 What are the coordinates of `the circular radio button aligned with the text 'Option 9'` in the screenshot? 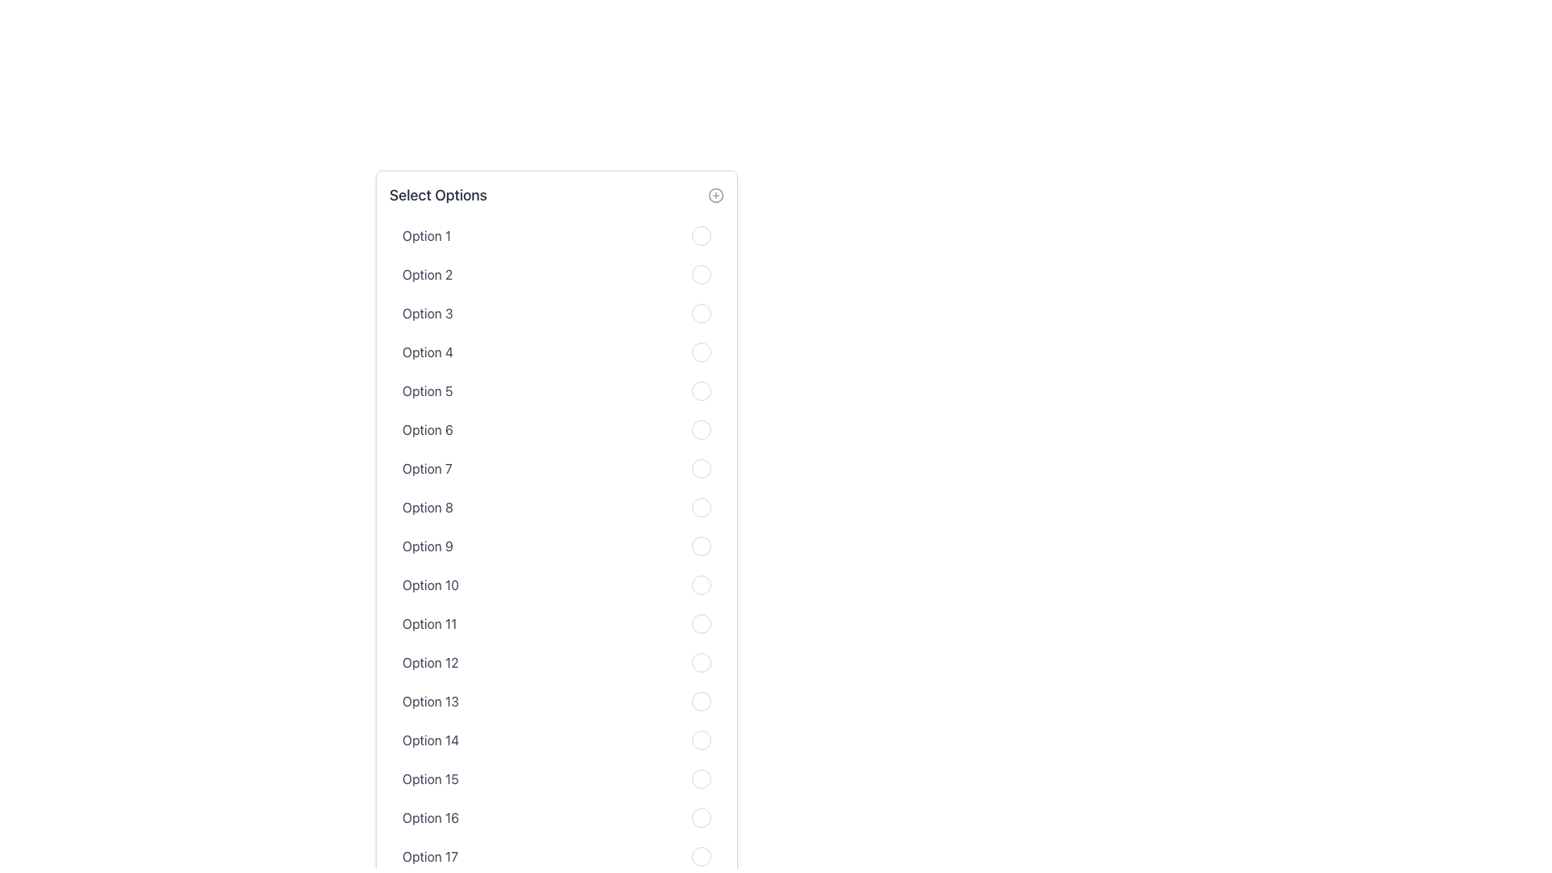 It's located at (702, 546).